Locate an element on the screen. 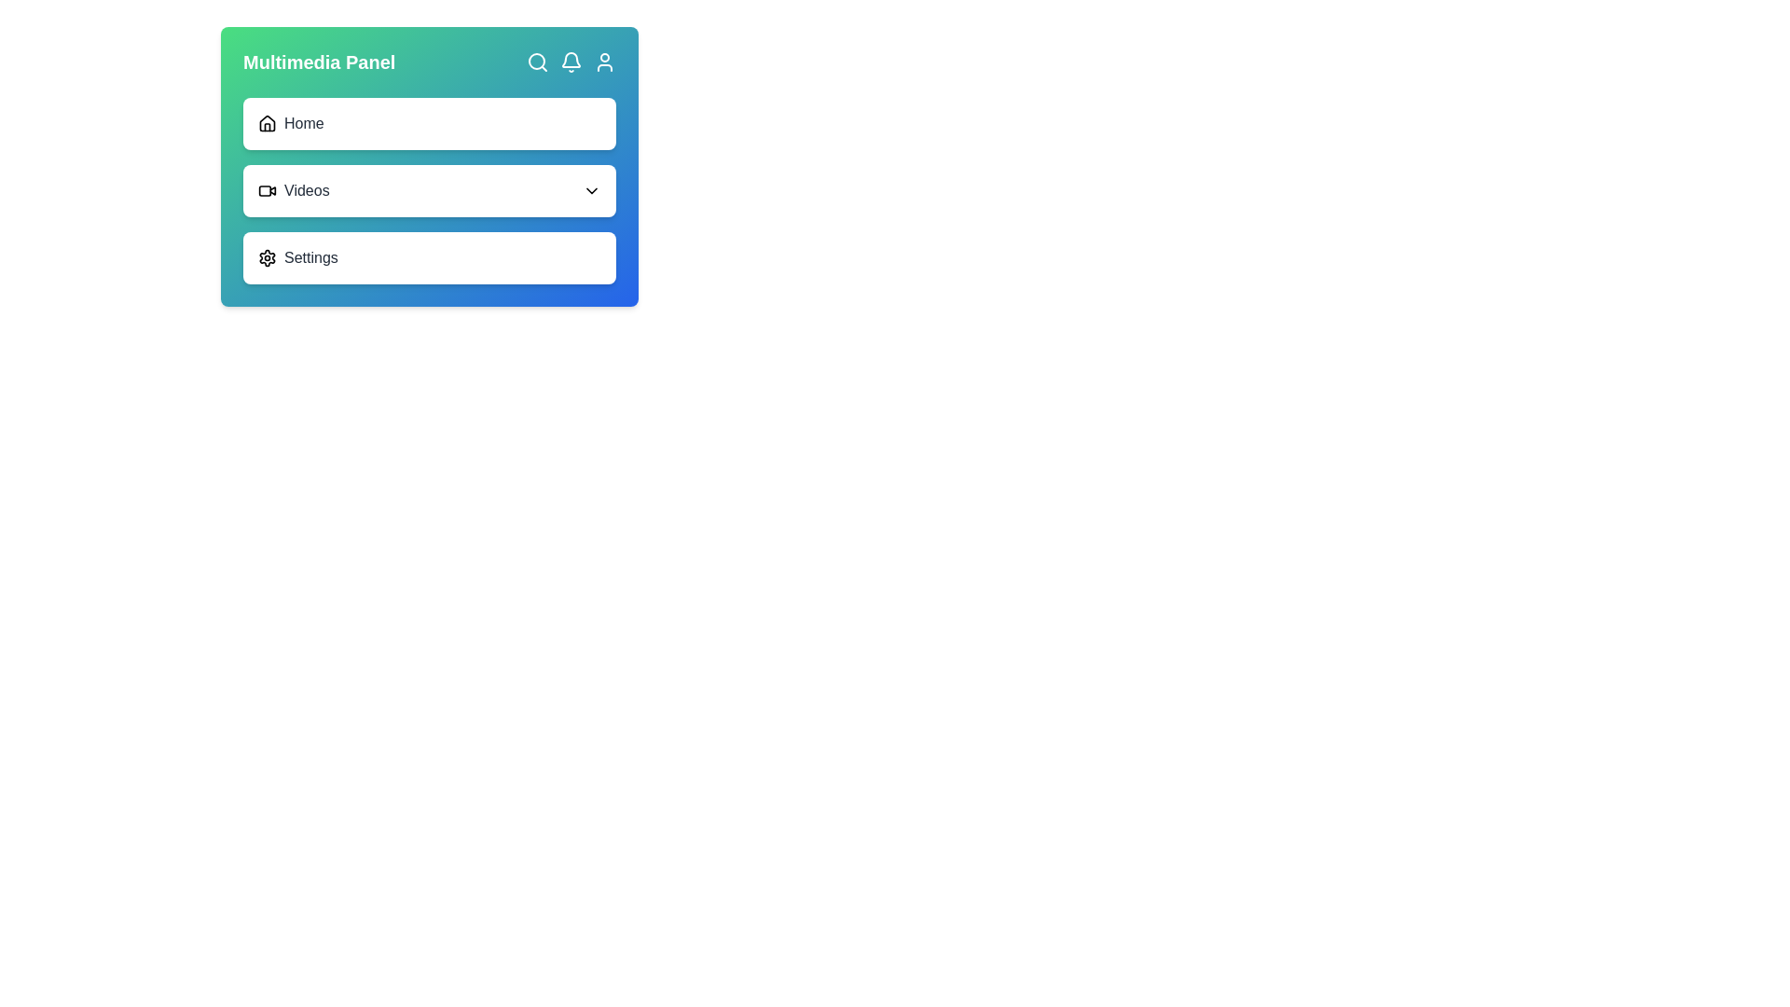  the Navigation link with icon and label, which is the last item in the vertical navigation menu is located at coordinates (296, 258).